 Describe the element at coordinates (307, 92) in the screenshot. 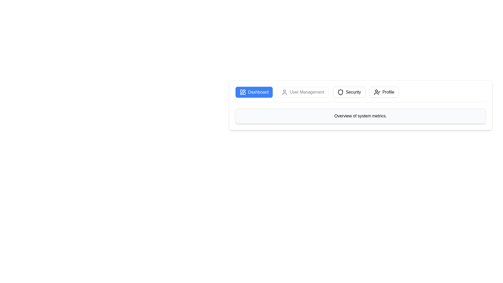

I see `the 'User Management' text within the navigation menu, which is styled in a button font and positioned between 'Dashboard' and 'Security'` at that location.